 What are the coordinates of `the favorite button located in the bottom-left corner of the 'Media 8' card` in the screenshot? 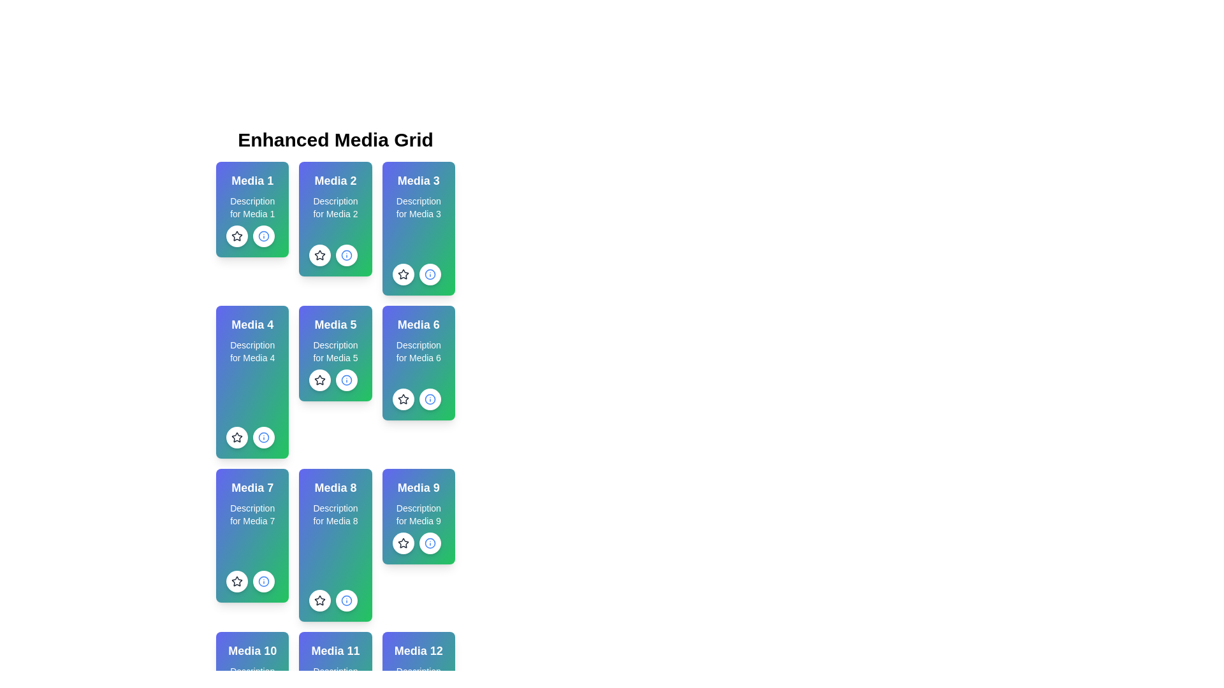 It's located at (320, 600).